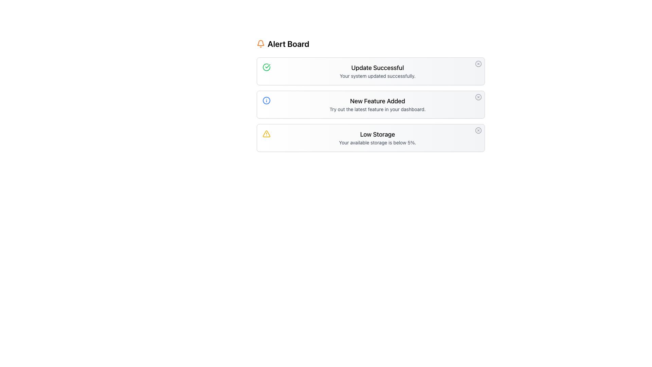 Image resolution: width=652 pixels, height=367 pixels. What do you see at coordinates (478, 97) in the screenshot?
I see `the circular SVG element located at the top-right corner of the second notification card` at bounding box center [478, 97].